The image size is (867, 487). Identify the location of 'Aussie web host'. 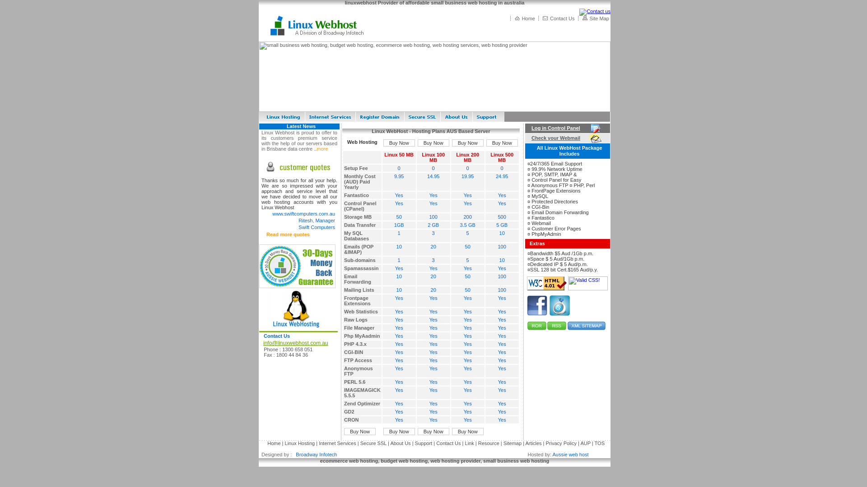
(570, 454).